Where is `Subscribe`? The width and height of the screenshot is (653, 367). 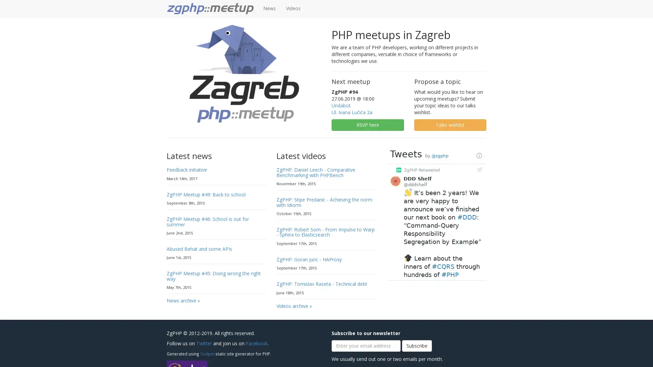 Subscribe is located at coordinates (416, 346).